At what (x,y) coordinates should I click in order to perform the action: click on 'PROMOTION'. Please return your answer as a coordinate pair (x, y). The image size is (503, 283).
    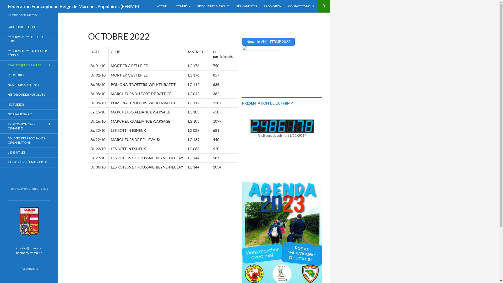
    Looking at the image, I should click on (29, 75).